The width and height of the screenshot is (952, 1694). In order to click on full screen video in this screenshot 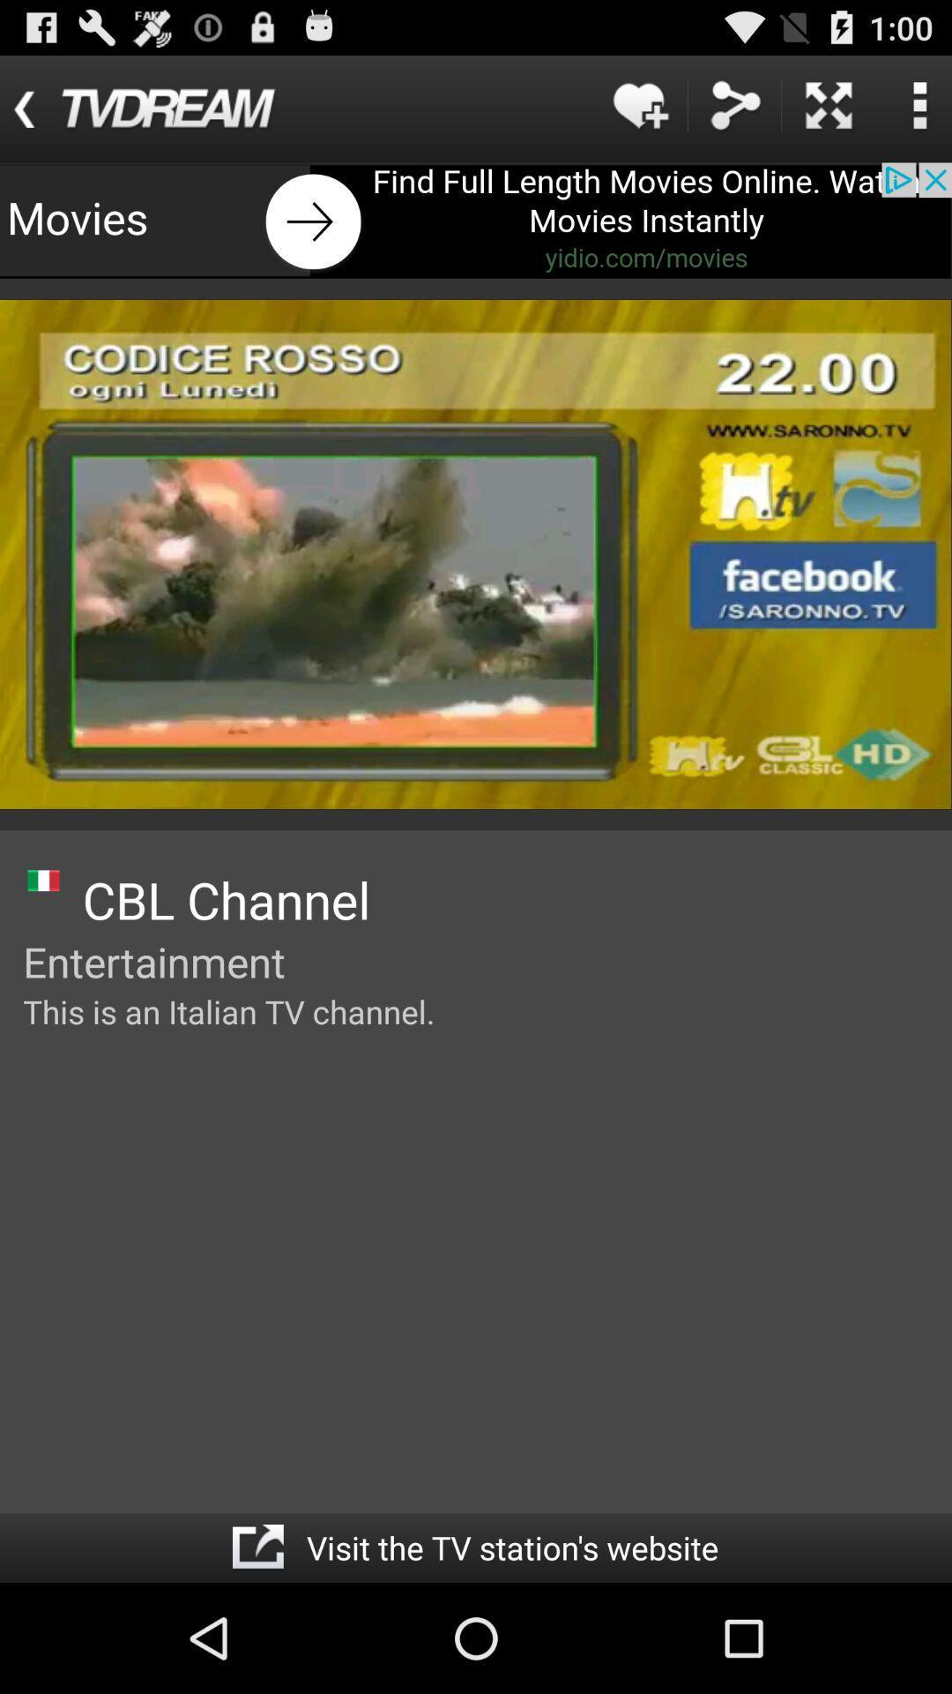, I will do `click(829, 104)`.